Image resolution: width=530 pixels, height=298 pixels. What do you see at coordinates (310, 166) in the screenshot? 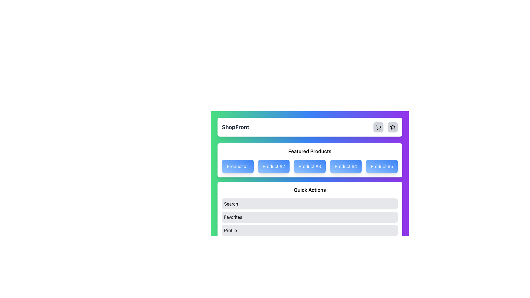
I see `the third button in the 'Featured Products' section` at bounding box center [310, 166].